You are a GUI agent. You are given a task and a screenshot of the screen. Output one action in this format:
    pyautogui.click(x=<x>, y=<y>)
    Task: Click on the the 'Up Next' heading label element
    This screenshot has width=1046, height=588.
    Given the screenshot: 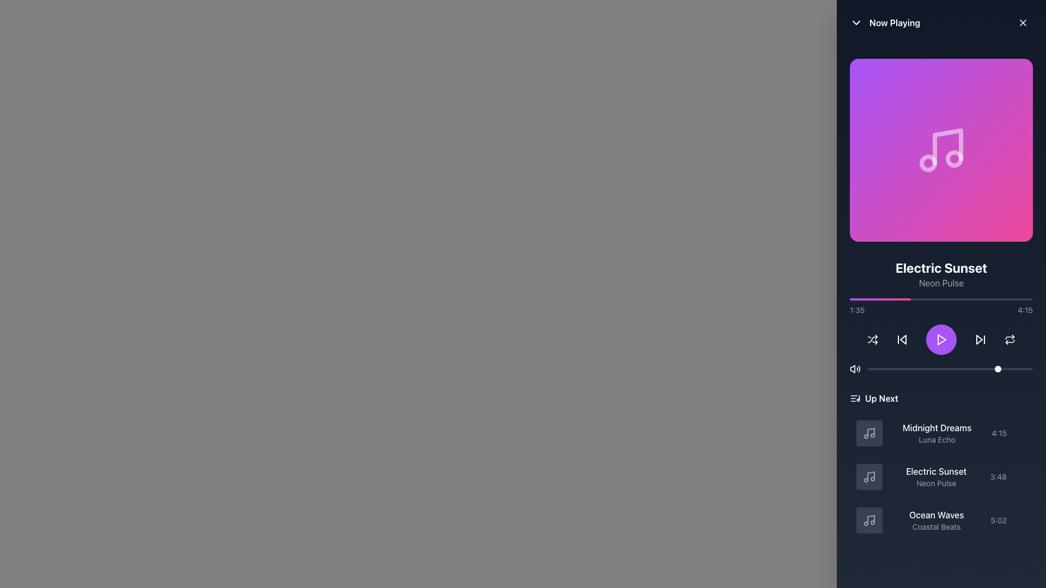 What is the action you would take?
    pyautogui.click(x=941, y=399)
    